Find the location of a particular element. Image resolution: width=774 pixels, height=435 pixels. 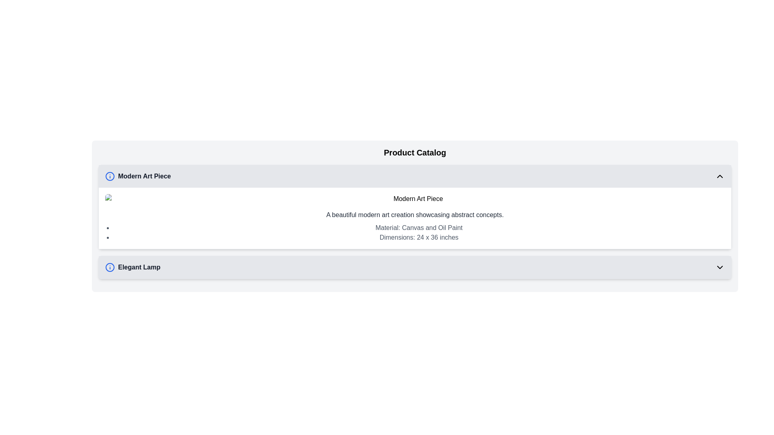

the text label for the product named 'Elegant Lamp', which is located to the right of a blue 'information' icon at the bottom section of the display is located at coordinates (139, 267).